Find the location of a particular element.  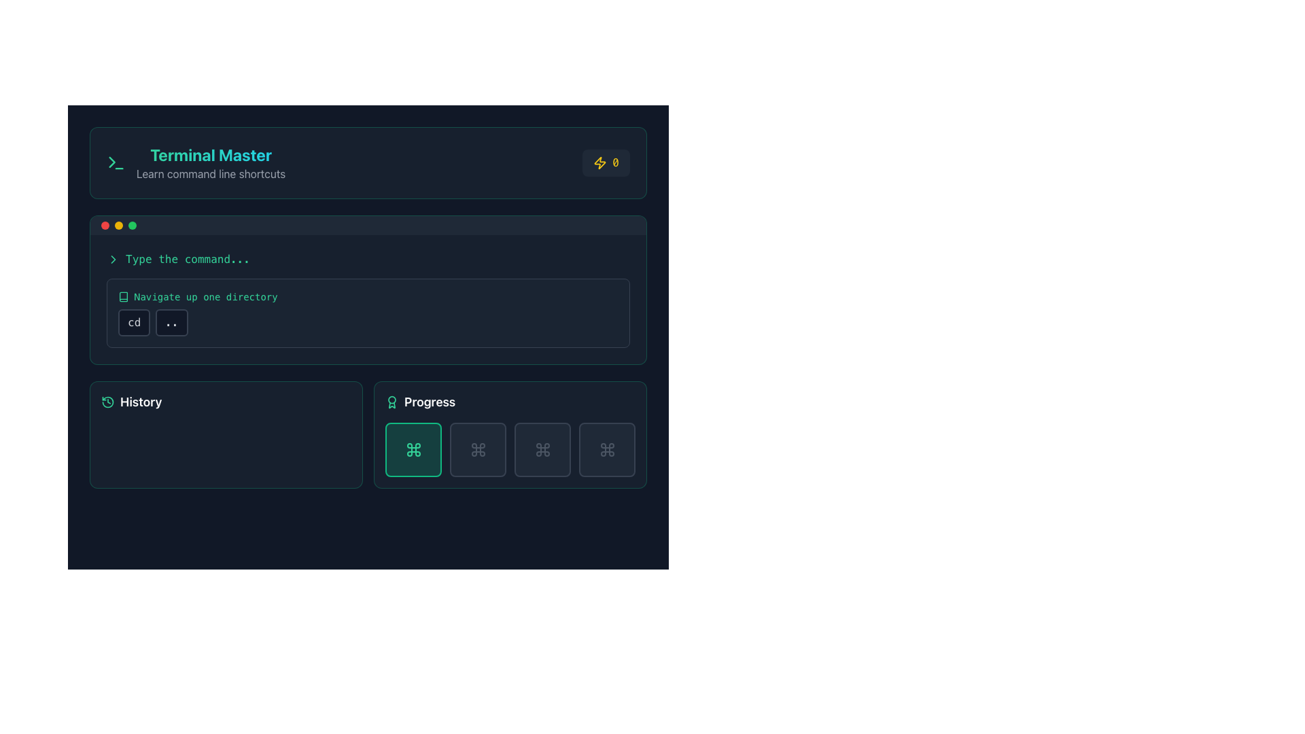

the third icon from the left in the set of four under the 'Progress' section is located at coordinates (542, 450).